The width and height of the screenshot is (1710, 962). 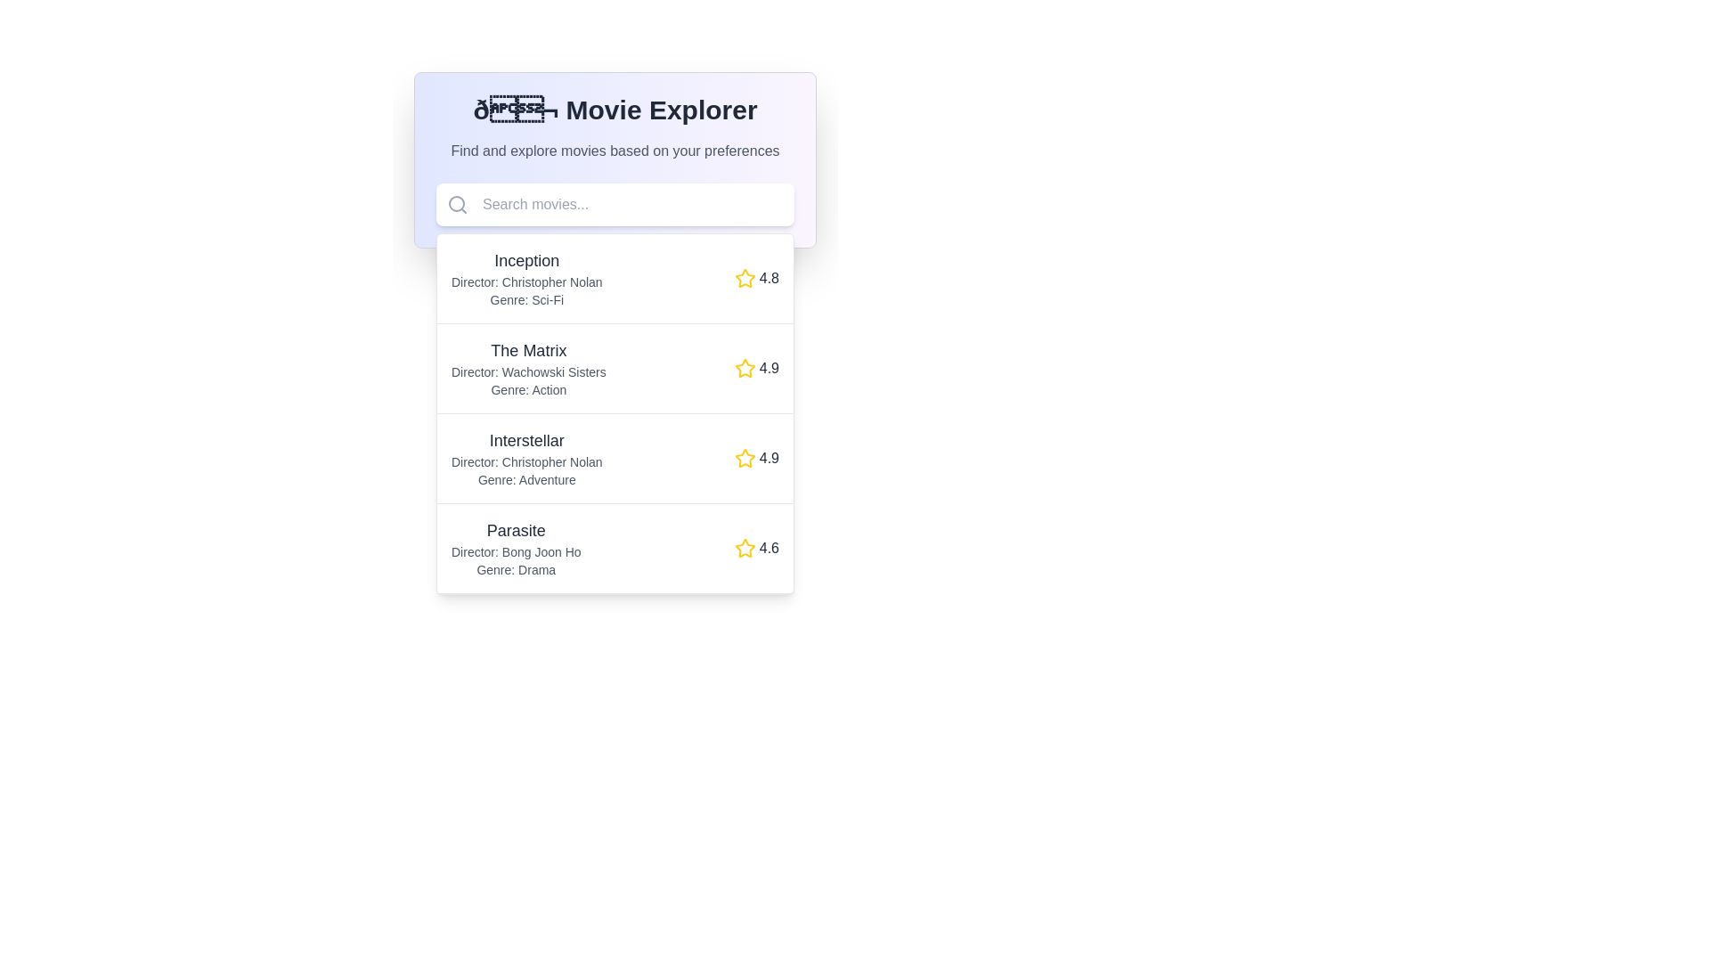 What do you see at coordinates (525, 440) in the screenshot?
I see `the text label identifying the movie 'Interstellar', which is centrally aligned in the third group of movie listings` at bounding box center [525, 440].